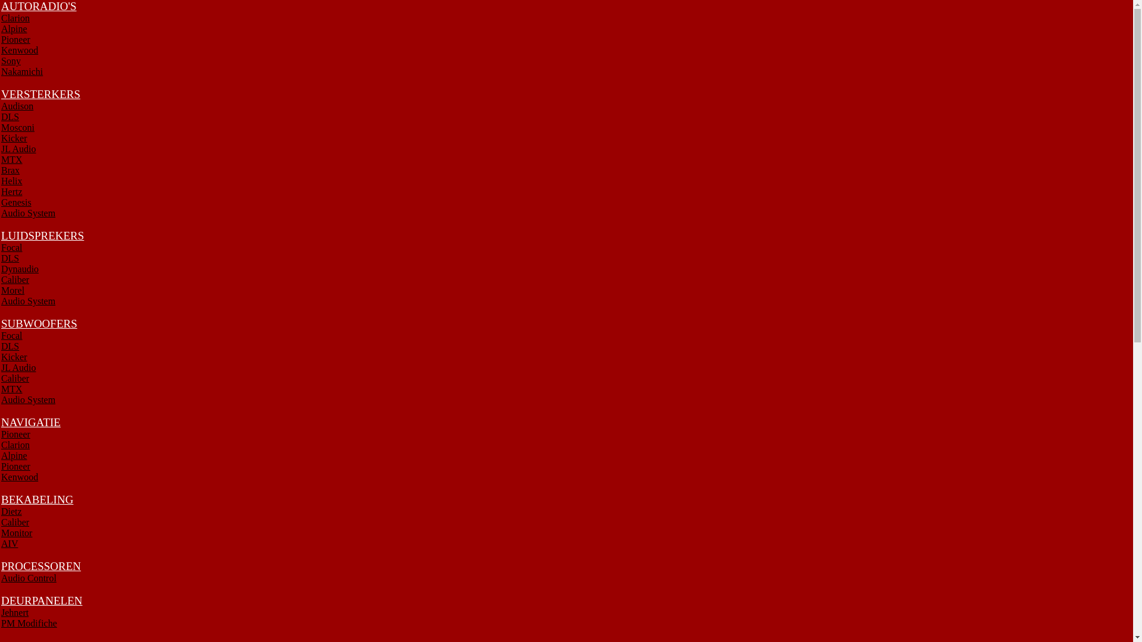  What do you see at coordinates (9, 543) in the screenshot?
I see `'AIV'` at bounding box center [9, 543].